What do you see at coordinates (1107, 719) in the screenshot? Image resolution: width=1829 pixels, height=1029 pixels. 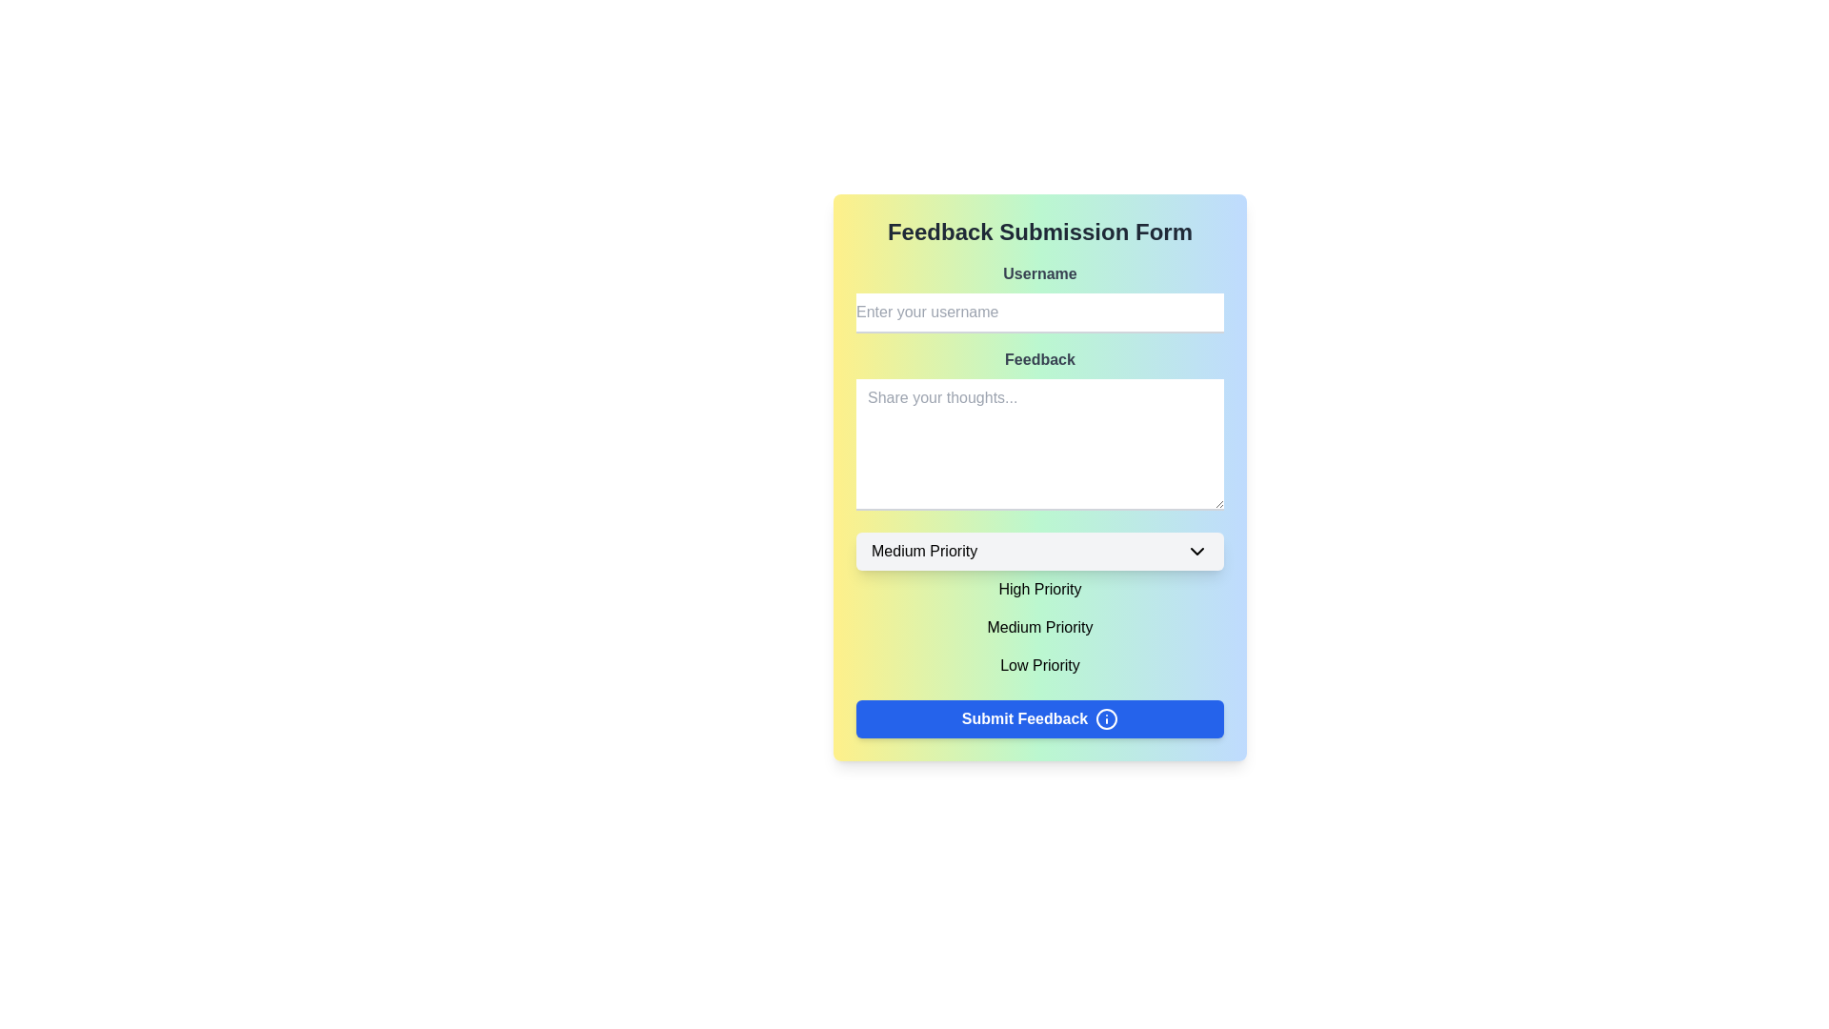 I see `the information icon located to the right of the 'Submit Feedback' button` at bounding box center [1107, 719].